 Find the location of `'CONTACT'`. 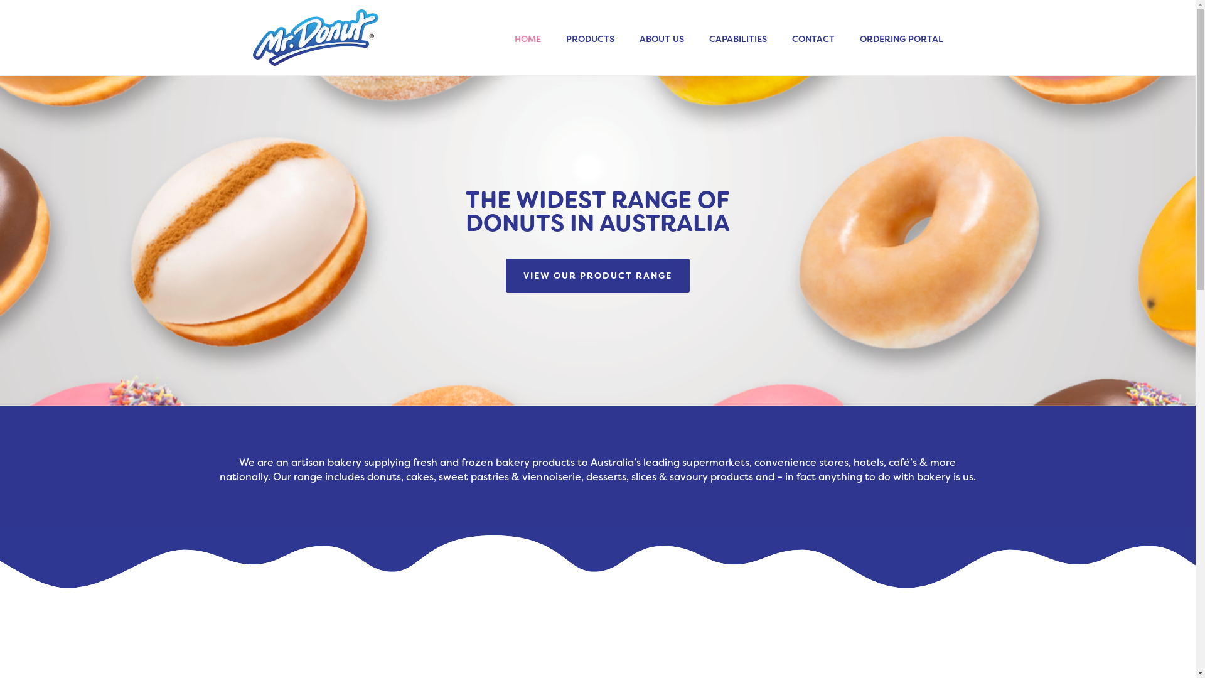

'CONTACT' is located at coordinates (813, 37).